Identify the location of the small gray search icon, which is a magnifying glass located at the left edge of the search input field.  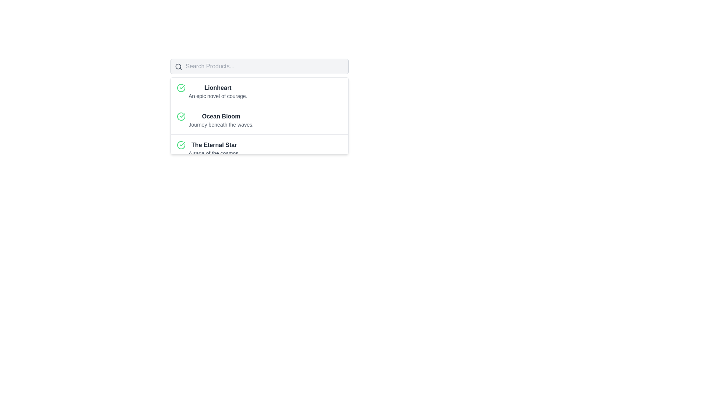
(178, 67).